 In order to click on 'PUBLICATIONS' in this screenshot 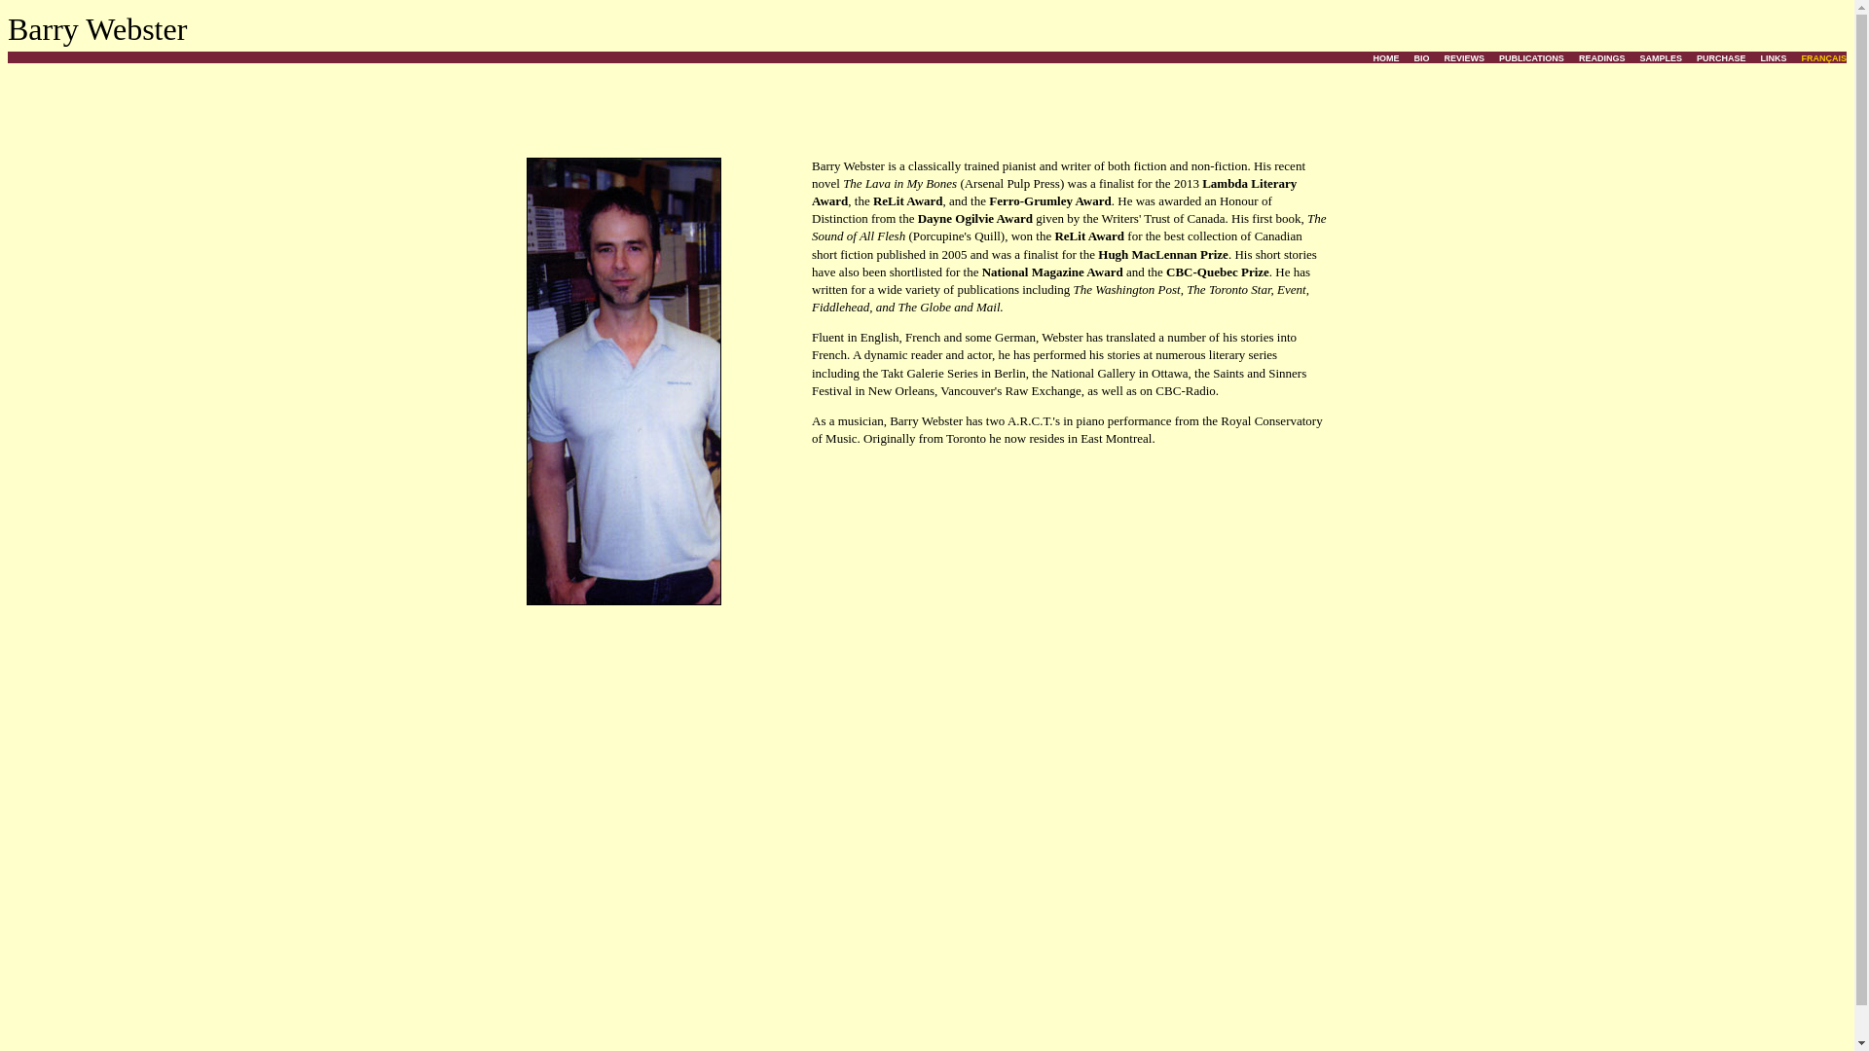, I will do `click(1530, 57)`.